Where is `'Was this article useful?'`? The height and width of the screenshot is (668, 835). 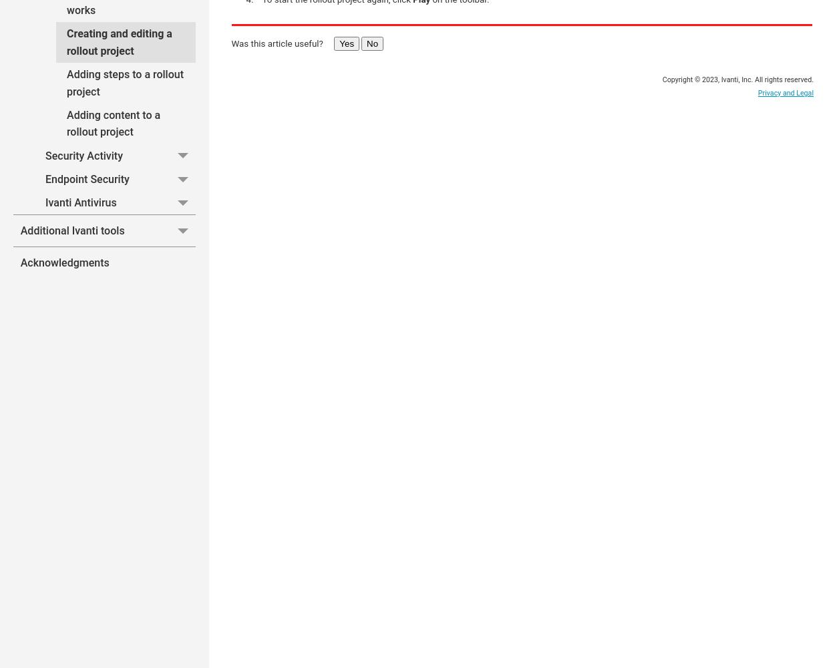
'Was this article useful?' is located at coordinates (230, 43).